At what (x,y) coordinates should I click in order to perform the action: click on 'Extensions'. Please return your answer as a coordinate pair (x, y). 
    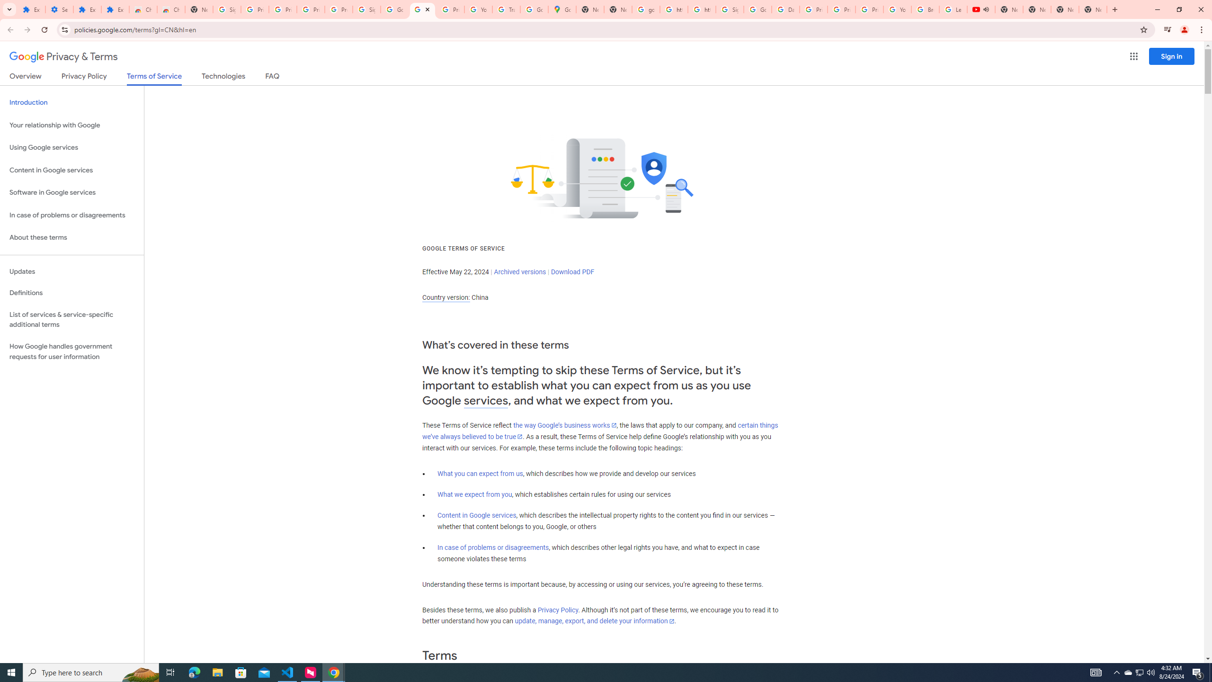
    Looking at the image, I should click on (87, 9).